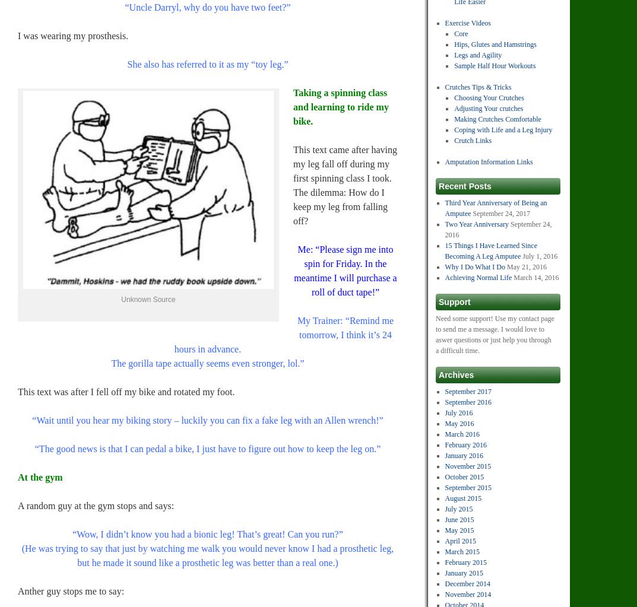 This screenshot has width=637, height=607. What do you see at coordinates (443, 497) in the screenshot?
I see `'August 2015'` at bounding box center [443, 497].